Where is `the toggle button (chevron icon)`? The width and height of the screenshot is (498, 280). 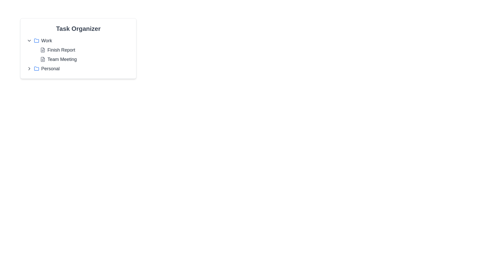
the toggle button (chevron icon) is located at coordinates (29, 40).